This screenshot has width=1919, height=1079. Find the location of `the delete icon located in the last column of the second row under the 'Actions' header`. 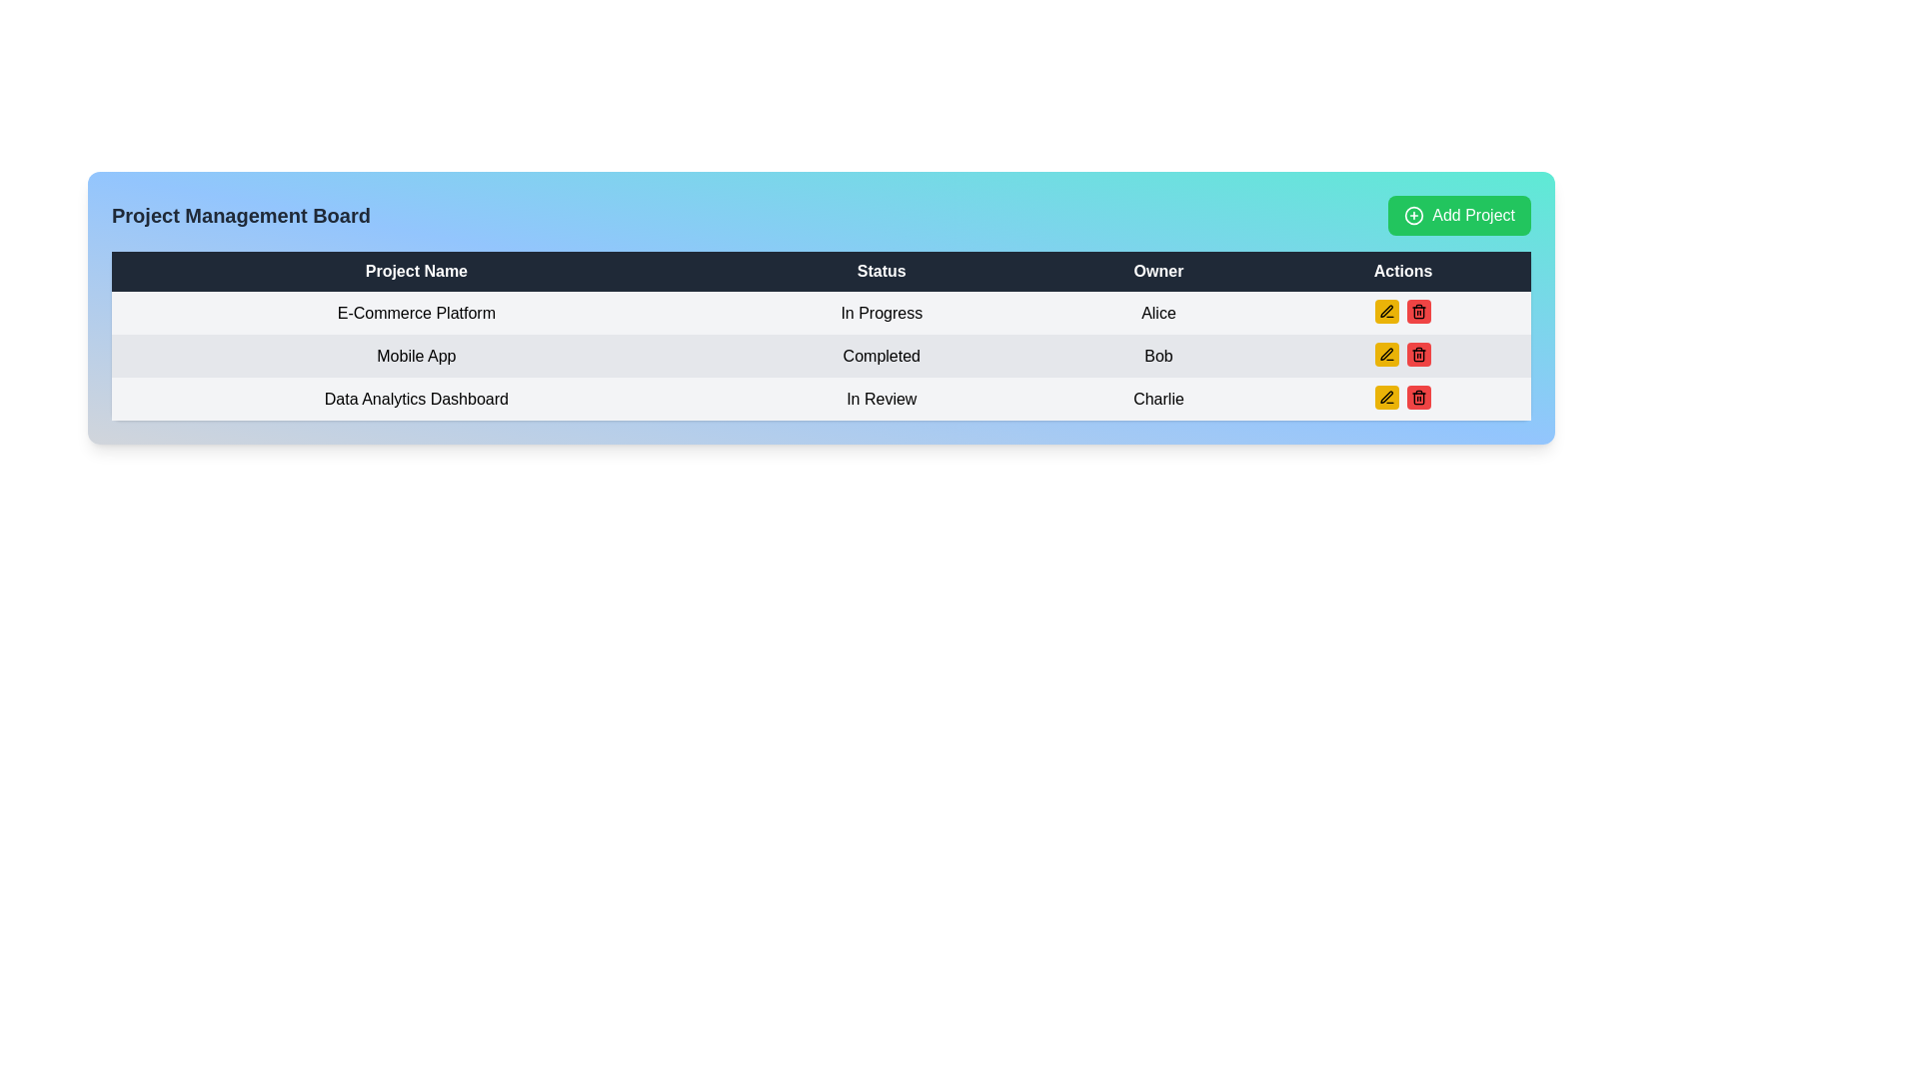

the delete icon located in the last column of the second row under the 'Actions' header is located at coordinates (1418, 353).